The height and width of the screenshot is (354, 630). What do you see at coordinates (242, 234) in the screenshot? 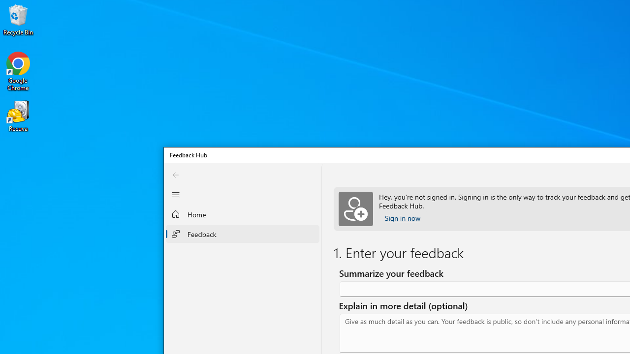
I see `'Feedback'` at bounding box center [242, 234].